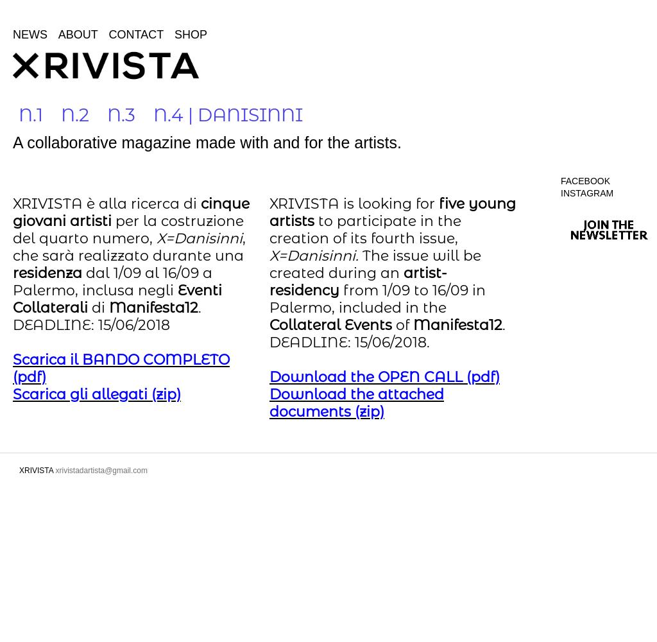 The height and width of the screenshot is (642, 657). What do you see at coordinates (586, 193) in the screenshot?
I see `'Instagram'` at bounding box center [586, 193].